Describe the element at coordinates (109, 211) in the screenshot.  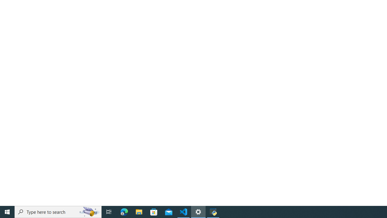
I see `'Task View'` at that location.